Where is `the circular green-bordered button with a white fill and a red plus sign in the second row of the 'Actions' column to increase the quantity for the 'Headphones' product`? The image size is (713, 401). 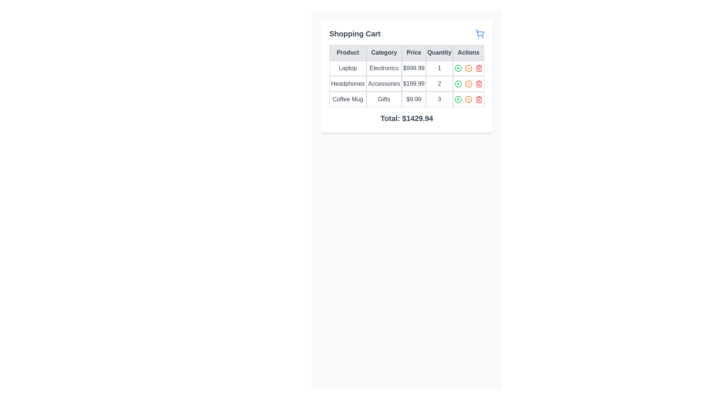 the circular green-bordered button with a white fill and a red plus sign in the second row of the 'Actions' column to increase the quantity for the 'Headphones' product is located at coordinates (458, 84).